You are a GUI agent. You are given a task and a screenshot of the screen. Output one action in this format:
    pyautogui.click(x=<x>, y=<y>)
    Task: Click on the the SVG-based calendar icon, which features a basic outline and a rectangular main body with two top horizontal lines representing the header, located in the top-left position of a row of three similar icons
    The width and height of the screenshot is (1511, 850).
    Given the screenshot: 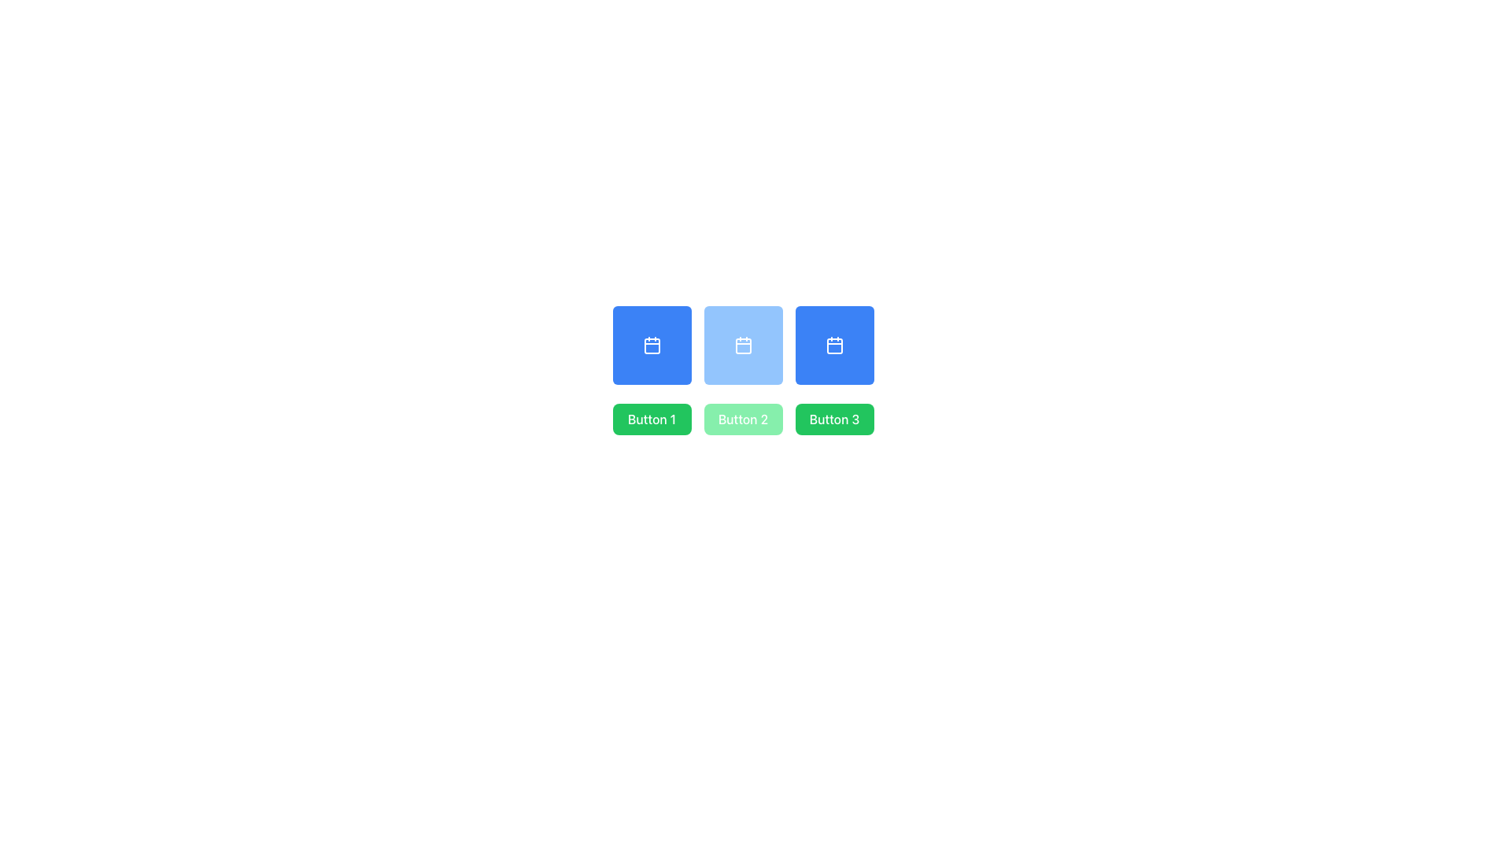 What is the action you would take?
    pyautogui.click(x=652, y=345)
    